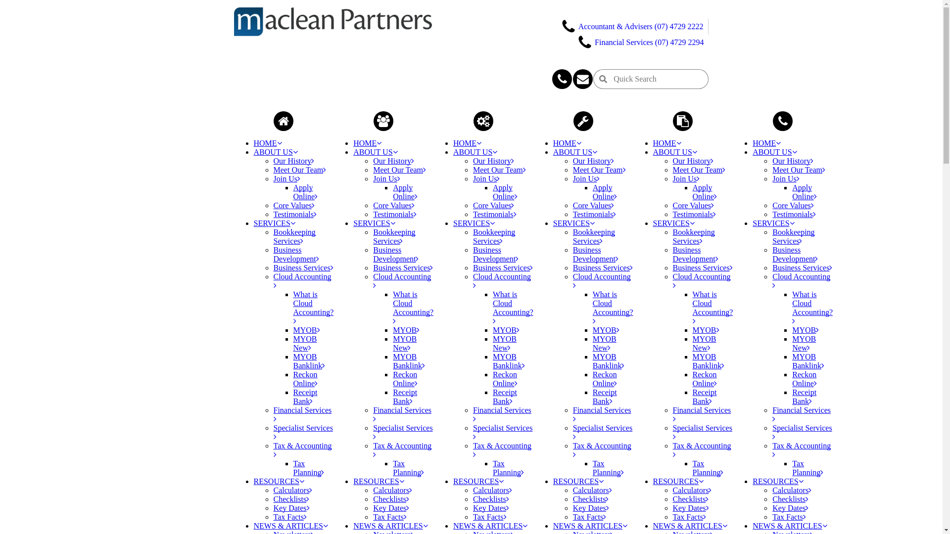  What do you see at coordinates (808, 361) in the screenshot?
I see `'MYOB Banklink'` at bounding box center [808, 361].